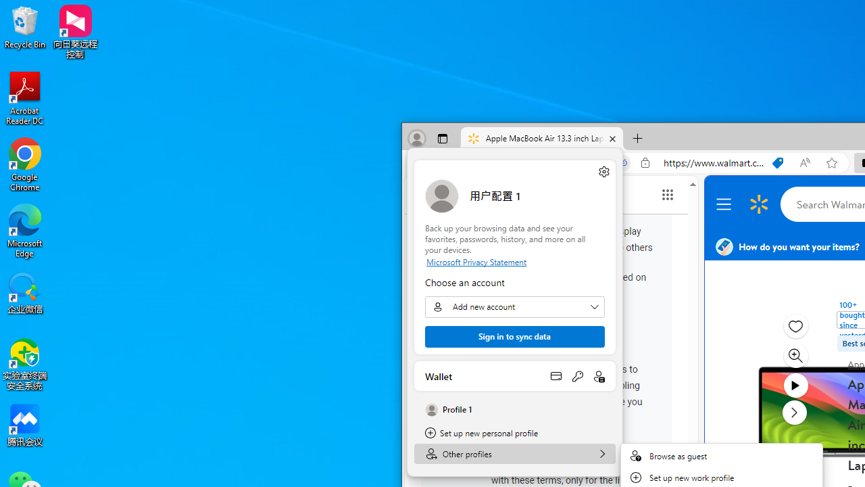 The height and width of the screenshot is (487, 865). Describe the element at coordinates (795, 355) in the screenshot. I see `'Zoom image modal'` at that location.